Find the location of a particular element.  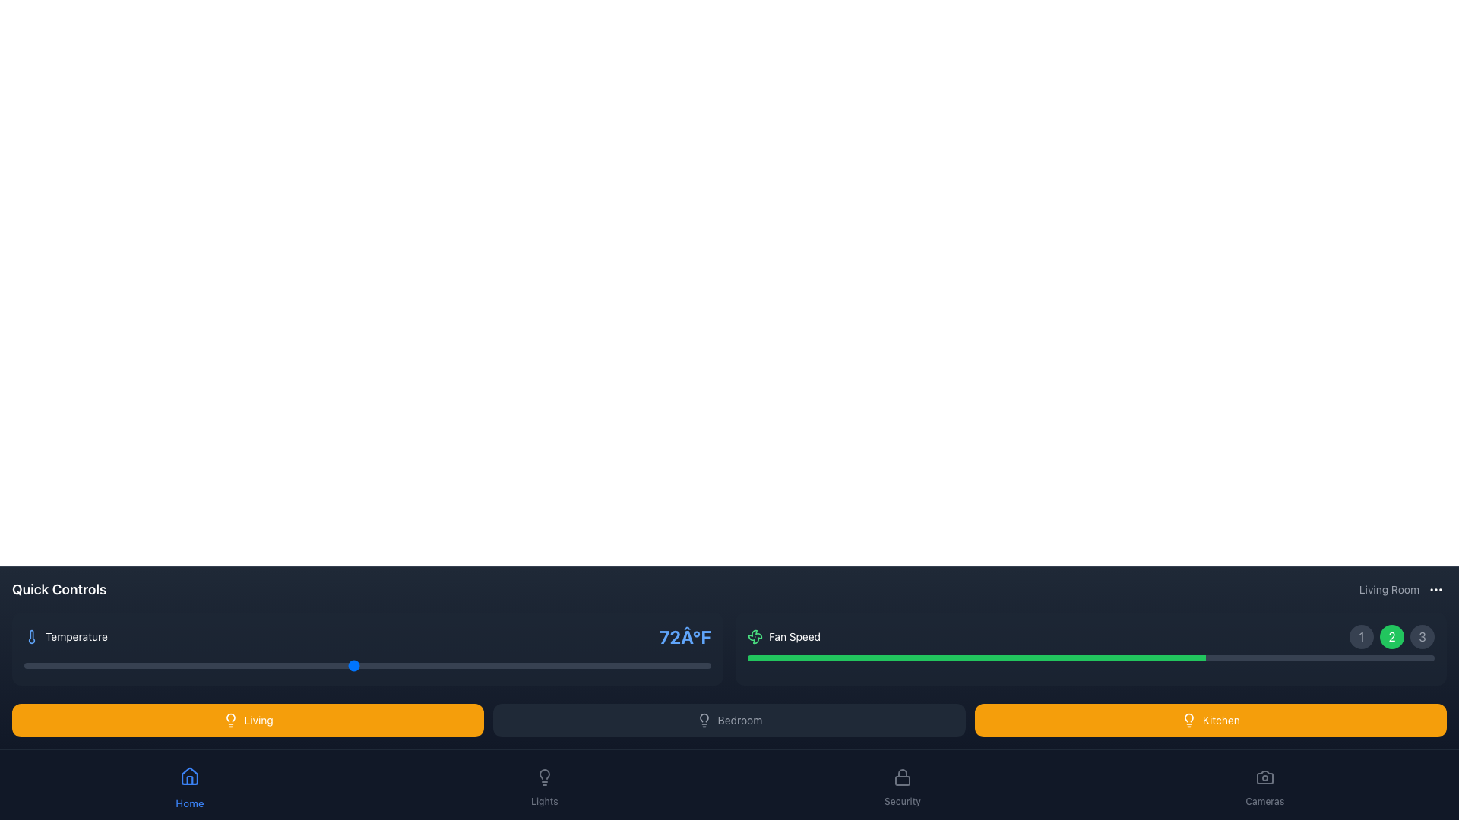

the third button from the left in the horizontal row of buttons at the bottom of the interface is located at coordinates (1210, 719).